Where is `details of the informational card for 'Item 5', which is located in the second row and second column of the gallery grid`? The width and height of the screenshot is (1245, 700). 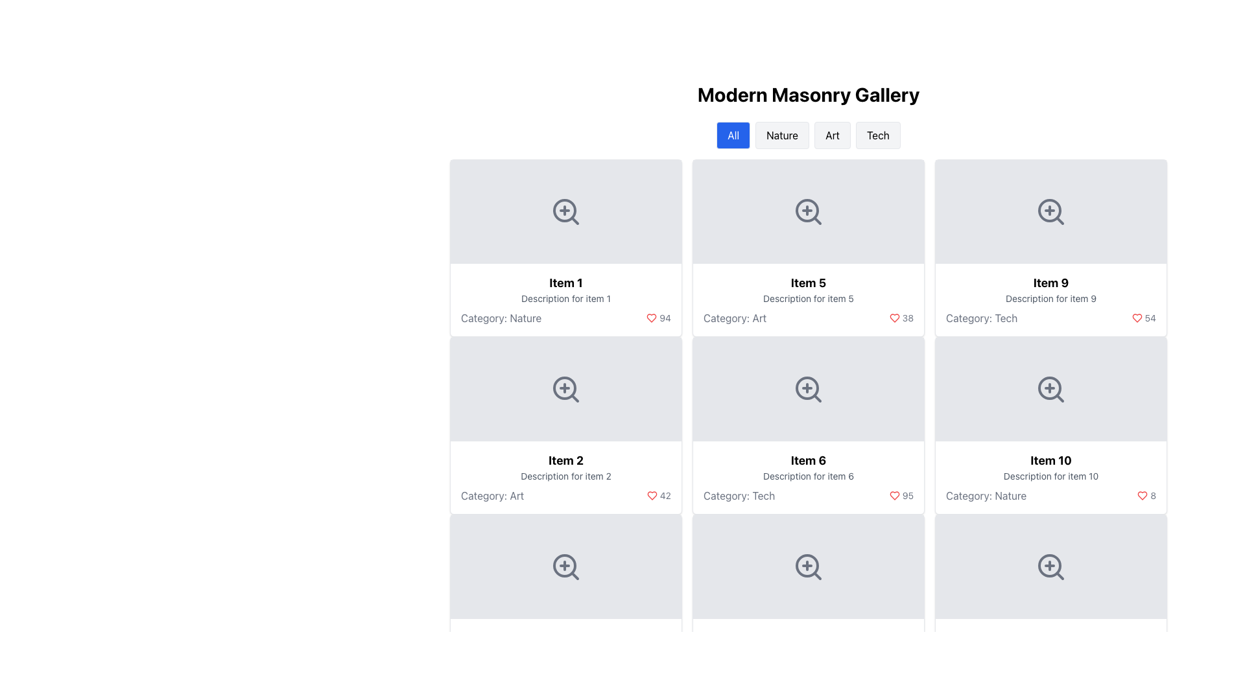 details of the informational card for 'Item 5', which is located in the second row and second column of the gallery grid is located at coordinates (808, 299).